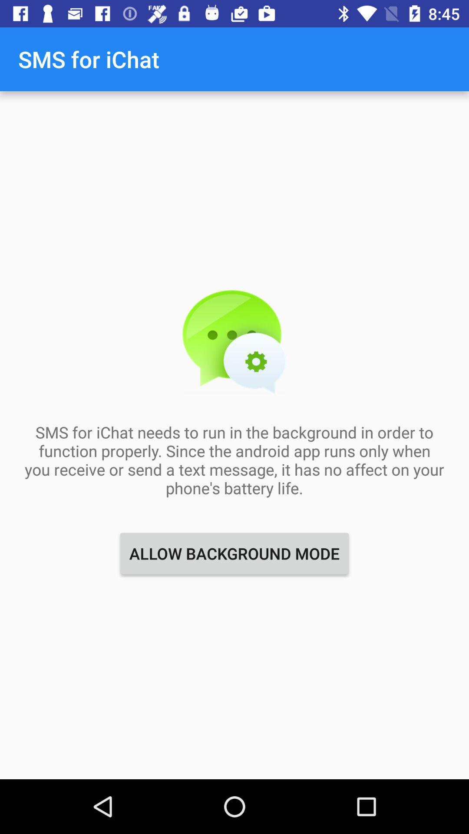  What do you see at coordinates (234, 553) in the screenshot?
I see `allow background mode` at bounding box center [234, 553].